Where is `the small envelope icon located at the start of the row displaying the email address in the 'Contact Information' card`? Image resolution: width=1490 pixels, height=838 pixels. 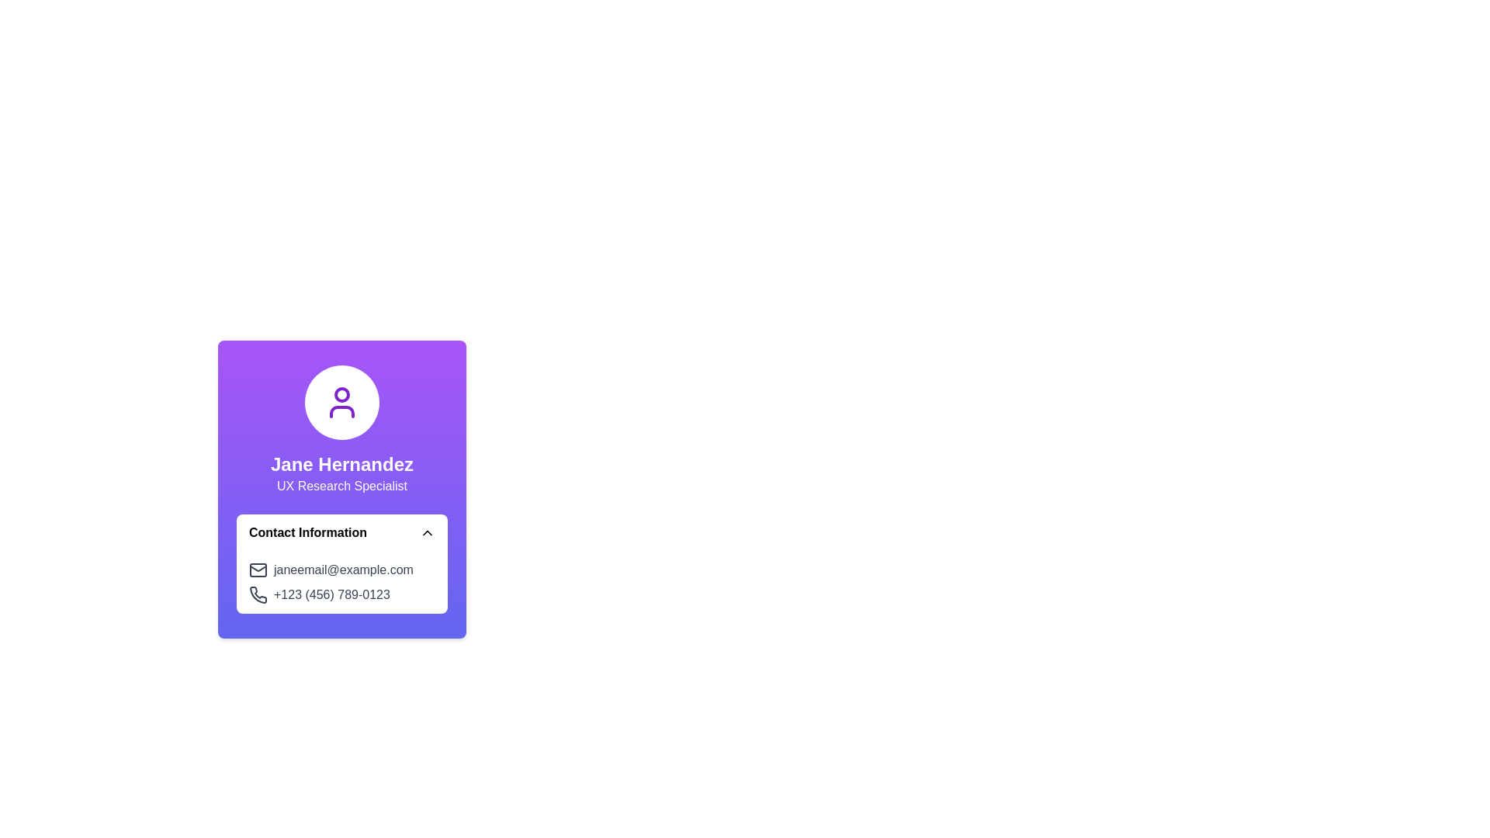 the small envelope icon located at the start of the row displaying the email address in the 'Contact Information' card is located at coordinates (258, 570).